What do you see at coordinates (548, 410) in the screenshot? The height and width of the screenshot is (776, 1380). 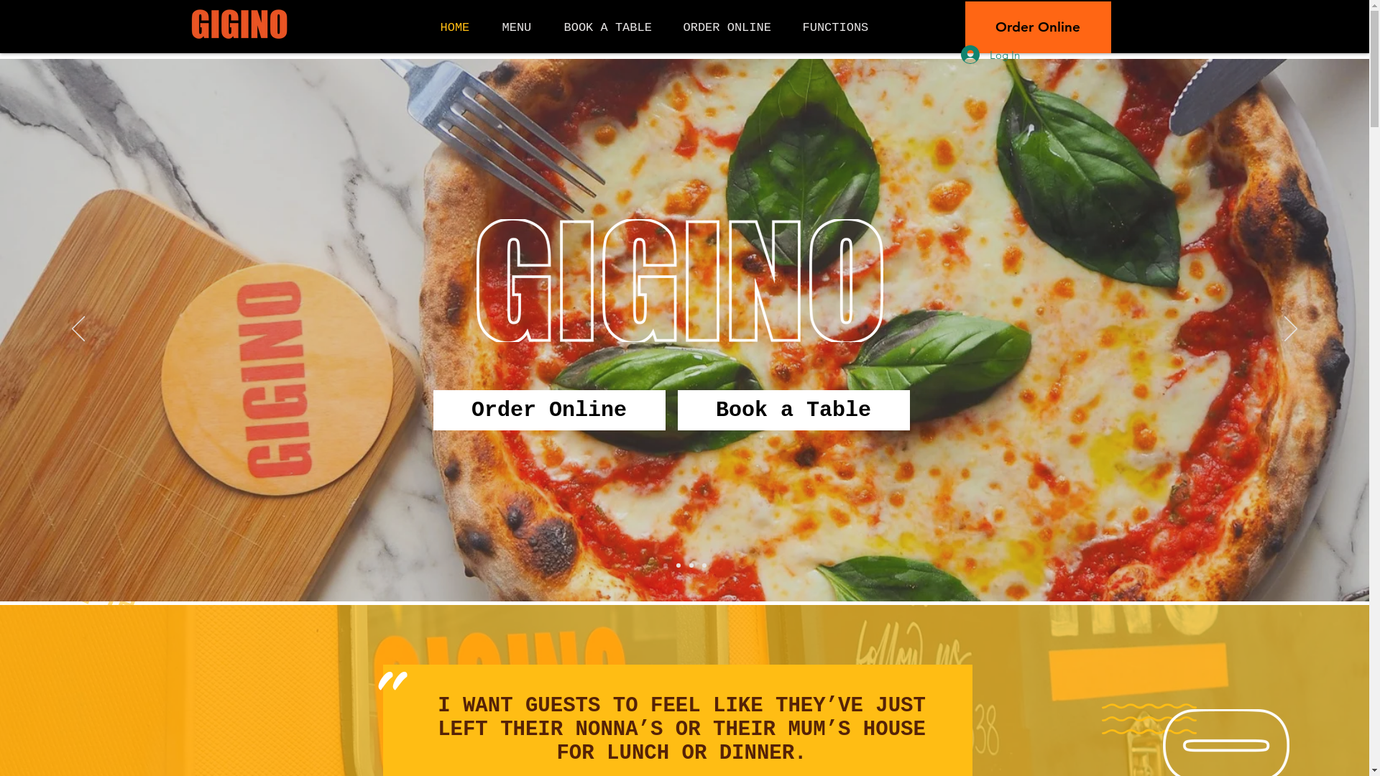 I see `'Order Online'` at bounding box center [548, 410].